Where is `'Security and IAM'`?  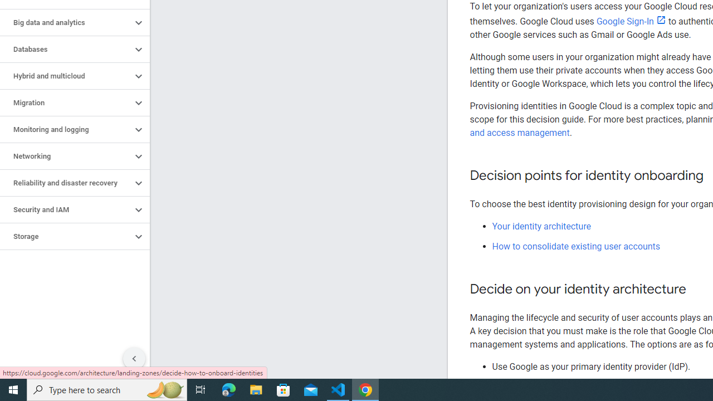 'Security and IAM' is located at coordinates (65, 209).